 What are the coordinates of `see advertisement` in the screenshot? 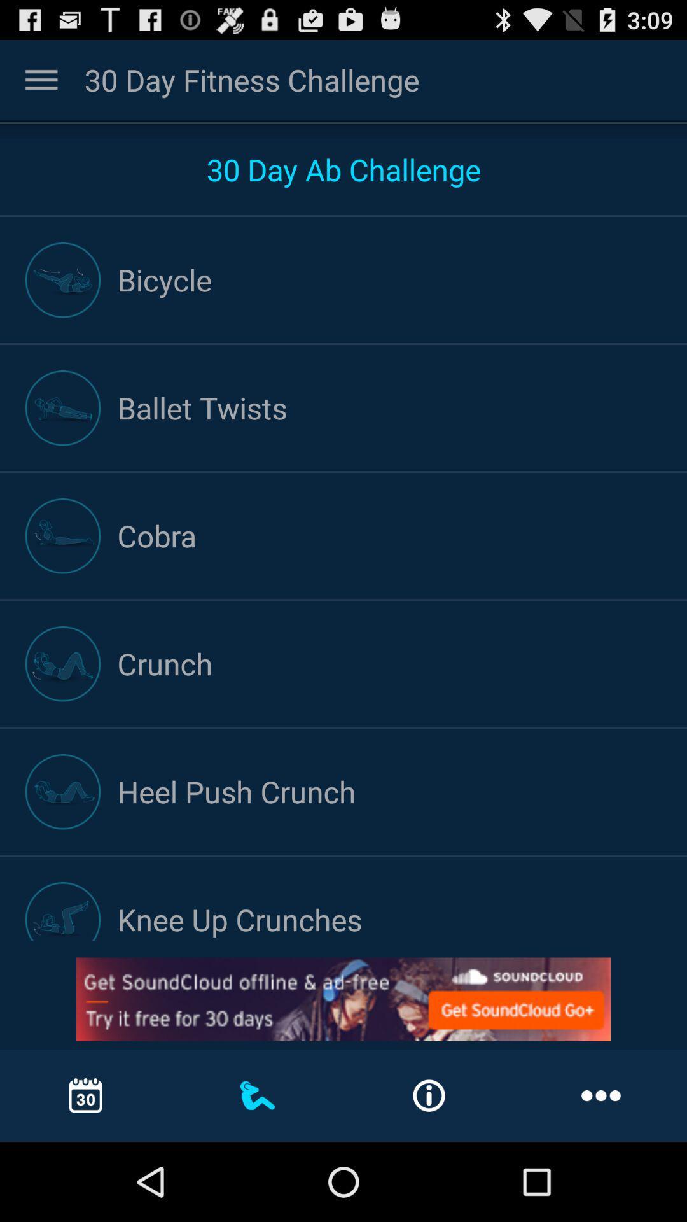 It's located at (343, 999).